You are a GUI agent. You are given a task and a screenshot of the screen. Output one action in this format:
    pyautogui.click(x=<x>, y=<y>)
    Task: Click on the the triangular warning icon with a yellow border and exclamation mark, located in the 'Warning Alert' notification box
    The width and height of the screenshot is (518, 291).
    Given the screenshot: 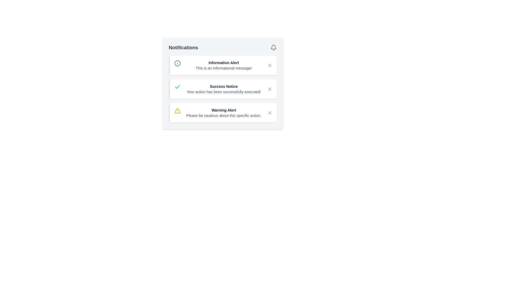 What is the action you would take?
    pyautogui.click(x=177, y=113)
    